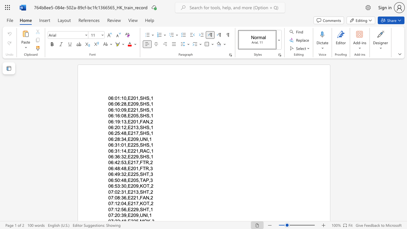 This screenshot has height=229, width=407. What do you see at coordinates (126, 98) in the screenshot?
I see `the space between the continuous character "0" and "," in the text` at bounding box center [126, 98].